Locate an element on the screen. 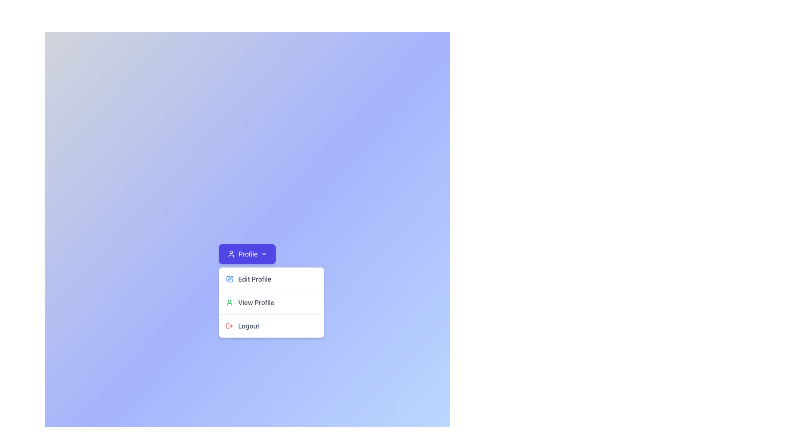 This screenshot has width=790, height=444. the first menu item in the dropdown menu that allows the user is located at coordinates (271, 278).